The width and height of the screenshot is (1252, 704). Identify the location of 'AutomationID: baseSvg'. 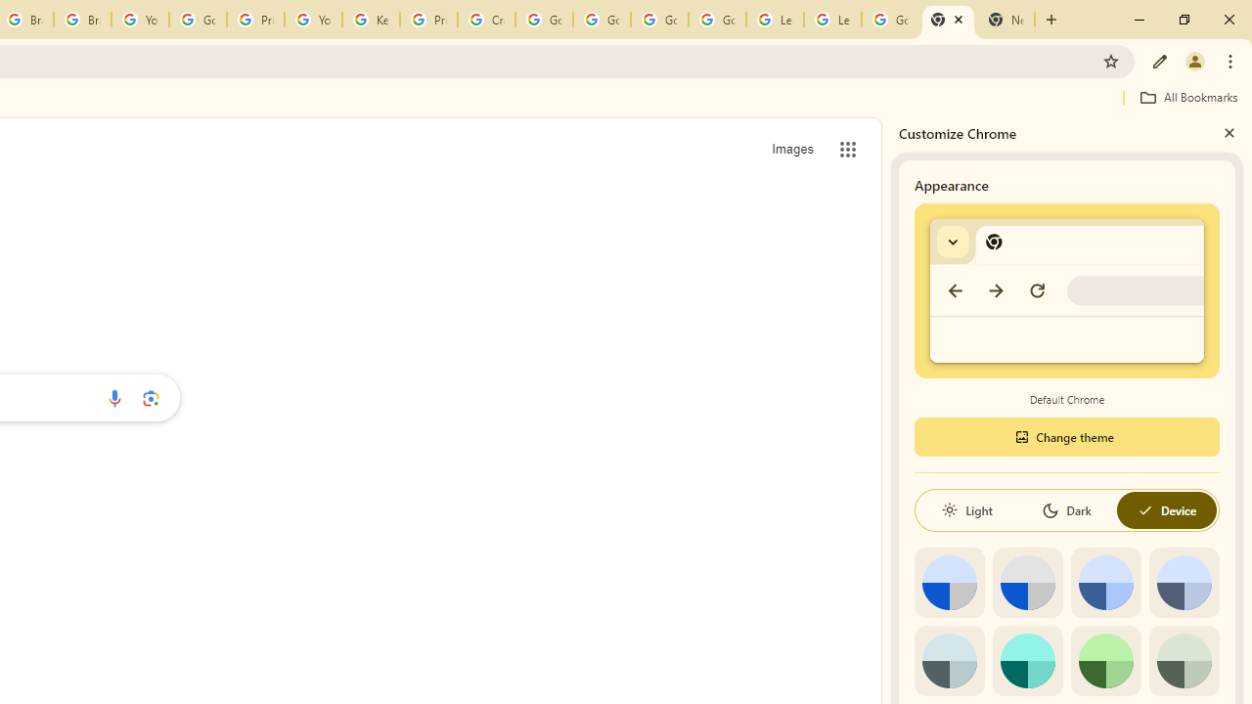
(1144, 509).